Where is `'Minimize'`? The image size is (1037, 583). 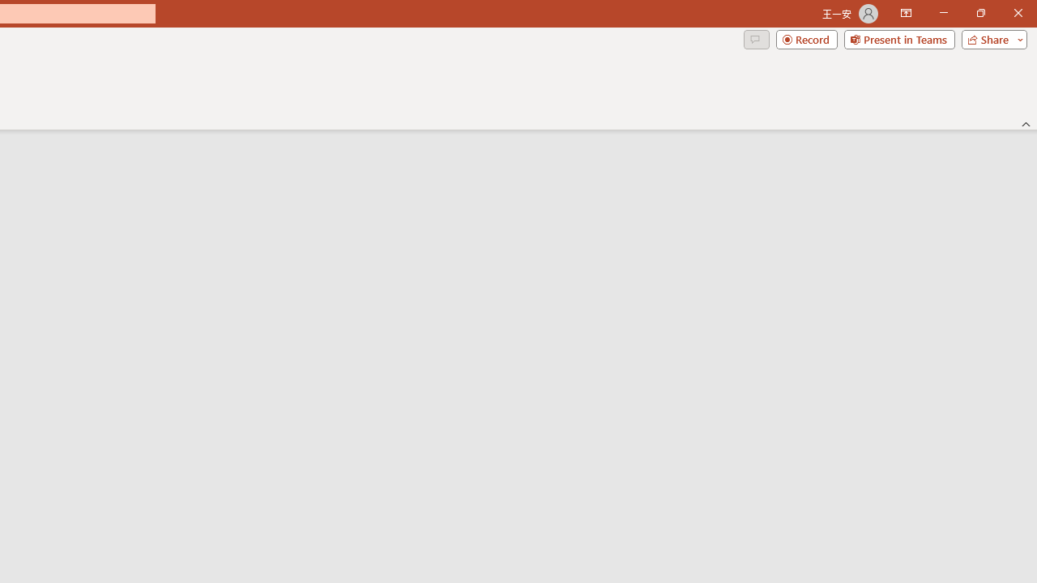 'Minimize' is located at coordinates (943, 13).